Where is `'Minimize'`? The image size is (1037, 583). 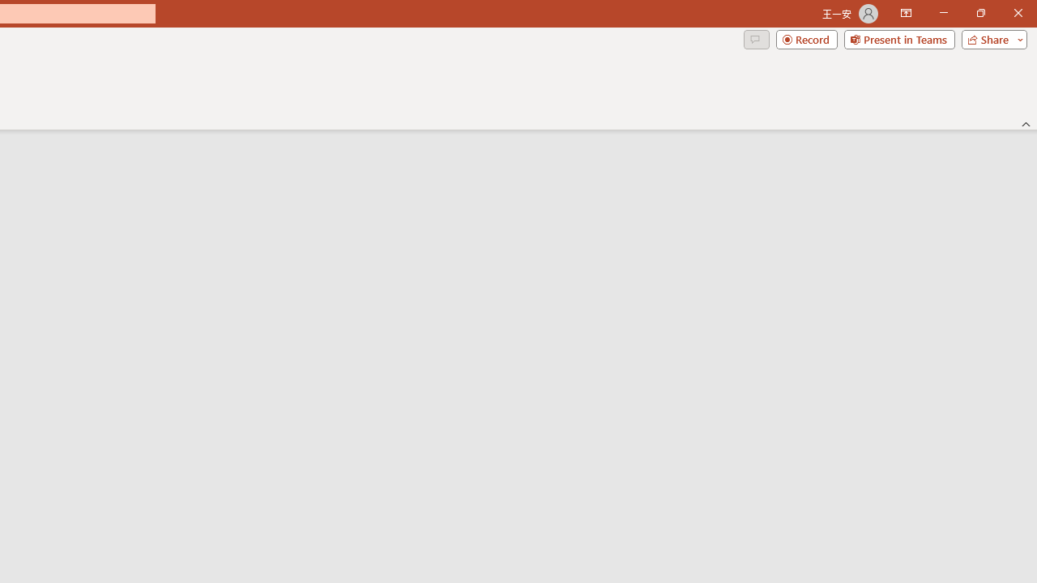 'Minimize' is located at coordinates (943, 13).